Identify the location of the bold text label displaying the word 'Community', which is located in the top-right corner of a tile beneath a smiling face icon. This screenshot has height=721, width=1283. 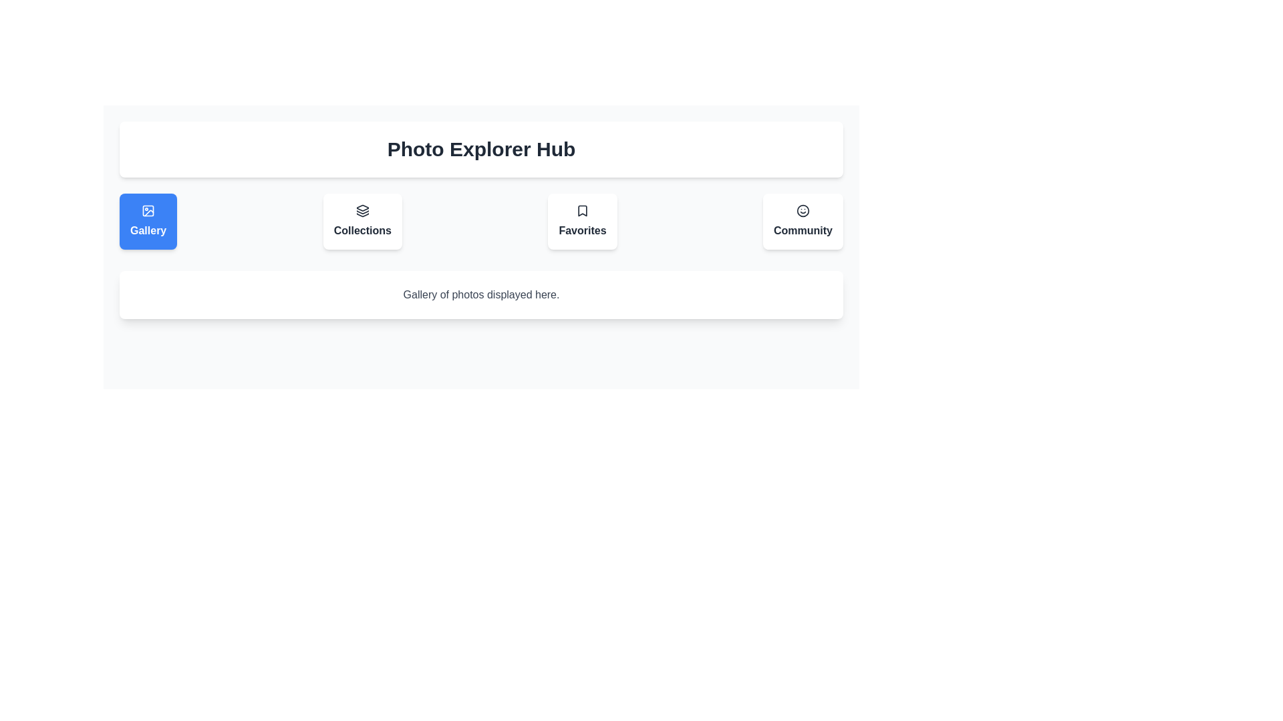
(802, 230).